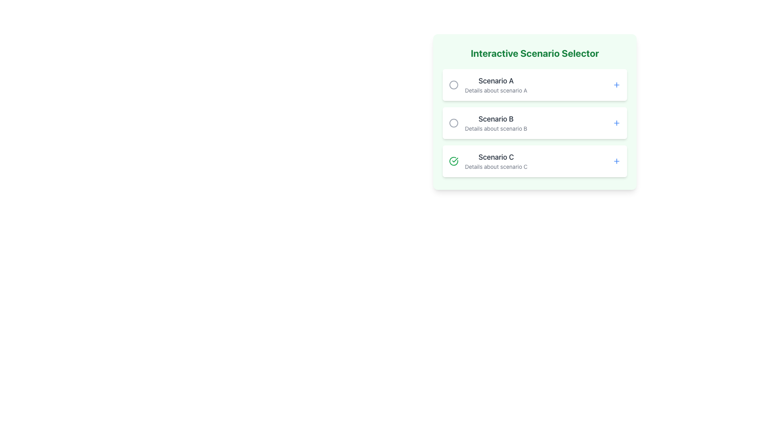 This screenshot has height=429, width=763. I want to click on the first entry of the selectable list item located towards the center-right of the interface, so click(496, 85).